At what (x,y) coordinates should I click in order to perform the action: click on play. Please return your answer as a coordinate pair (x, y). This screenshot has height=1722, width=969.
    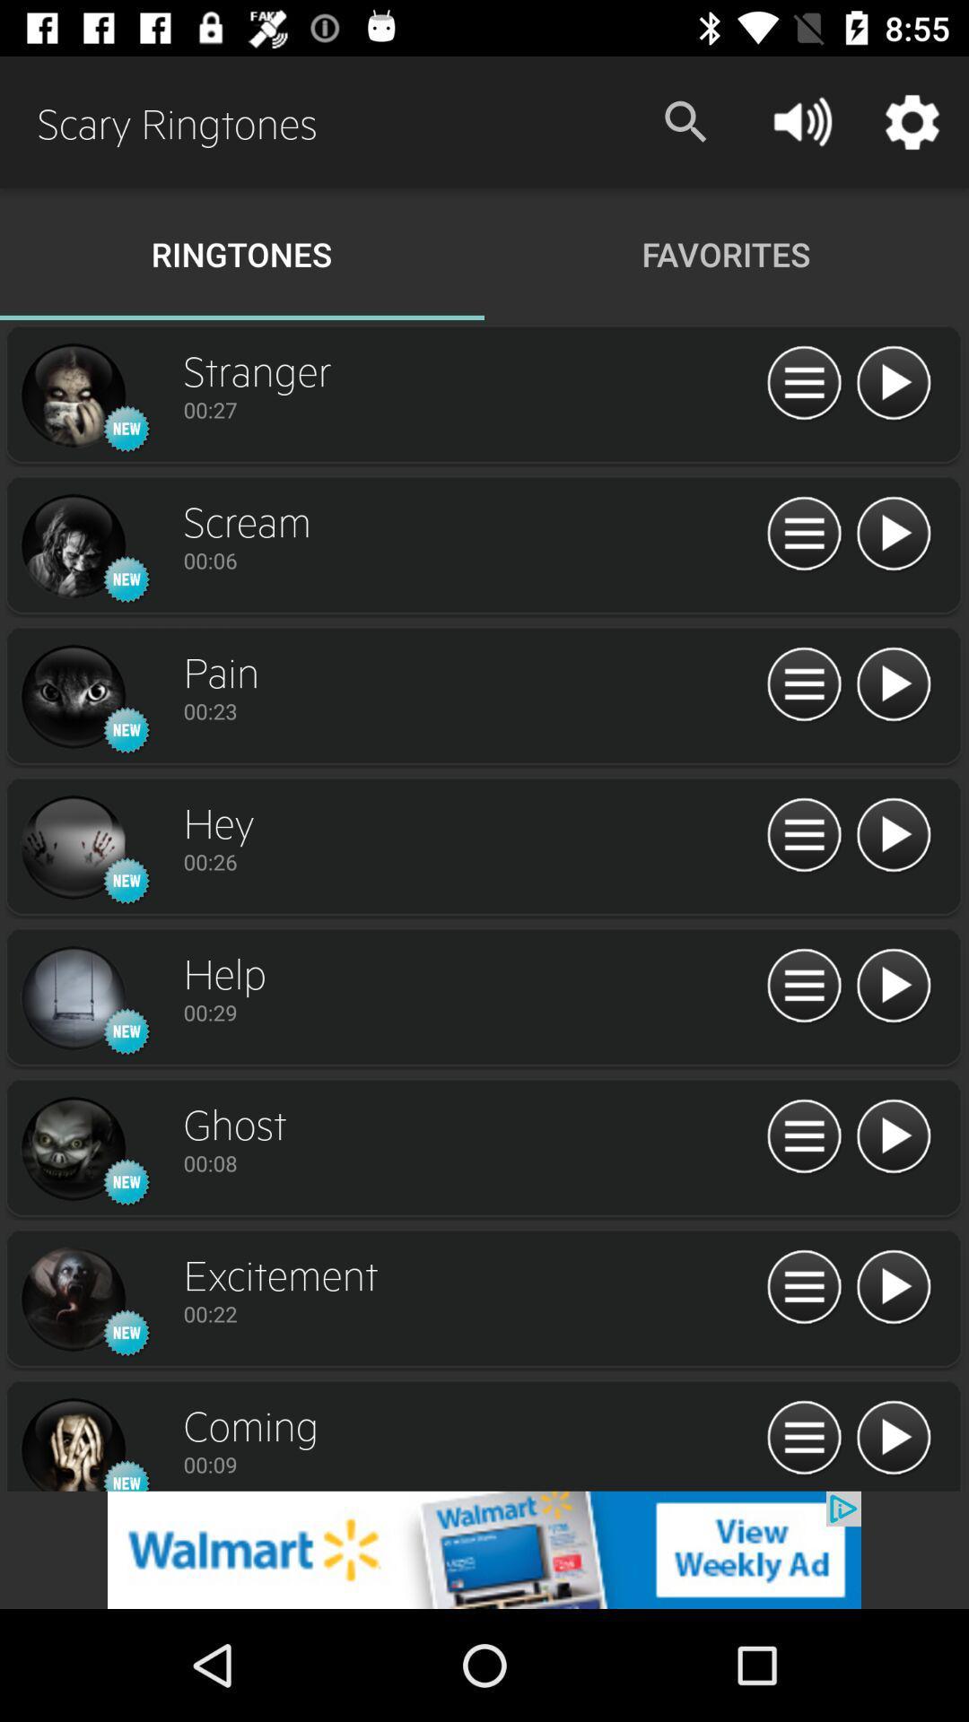
    Looking at the image, I should click on (893, 1287).